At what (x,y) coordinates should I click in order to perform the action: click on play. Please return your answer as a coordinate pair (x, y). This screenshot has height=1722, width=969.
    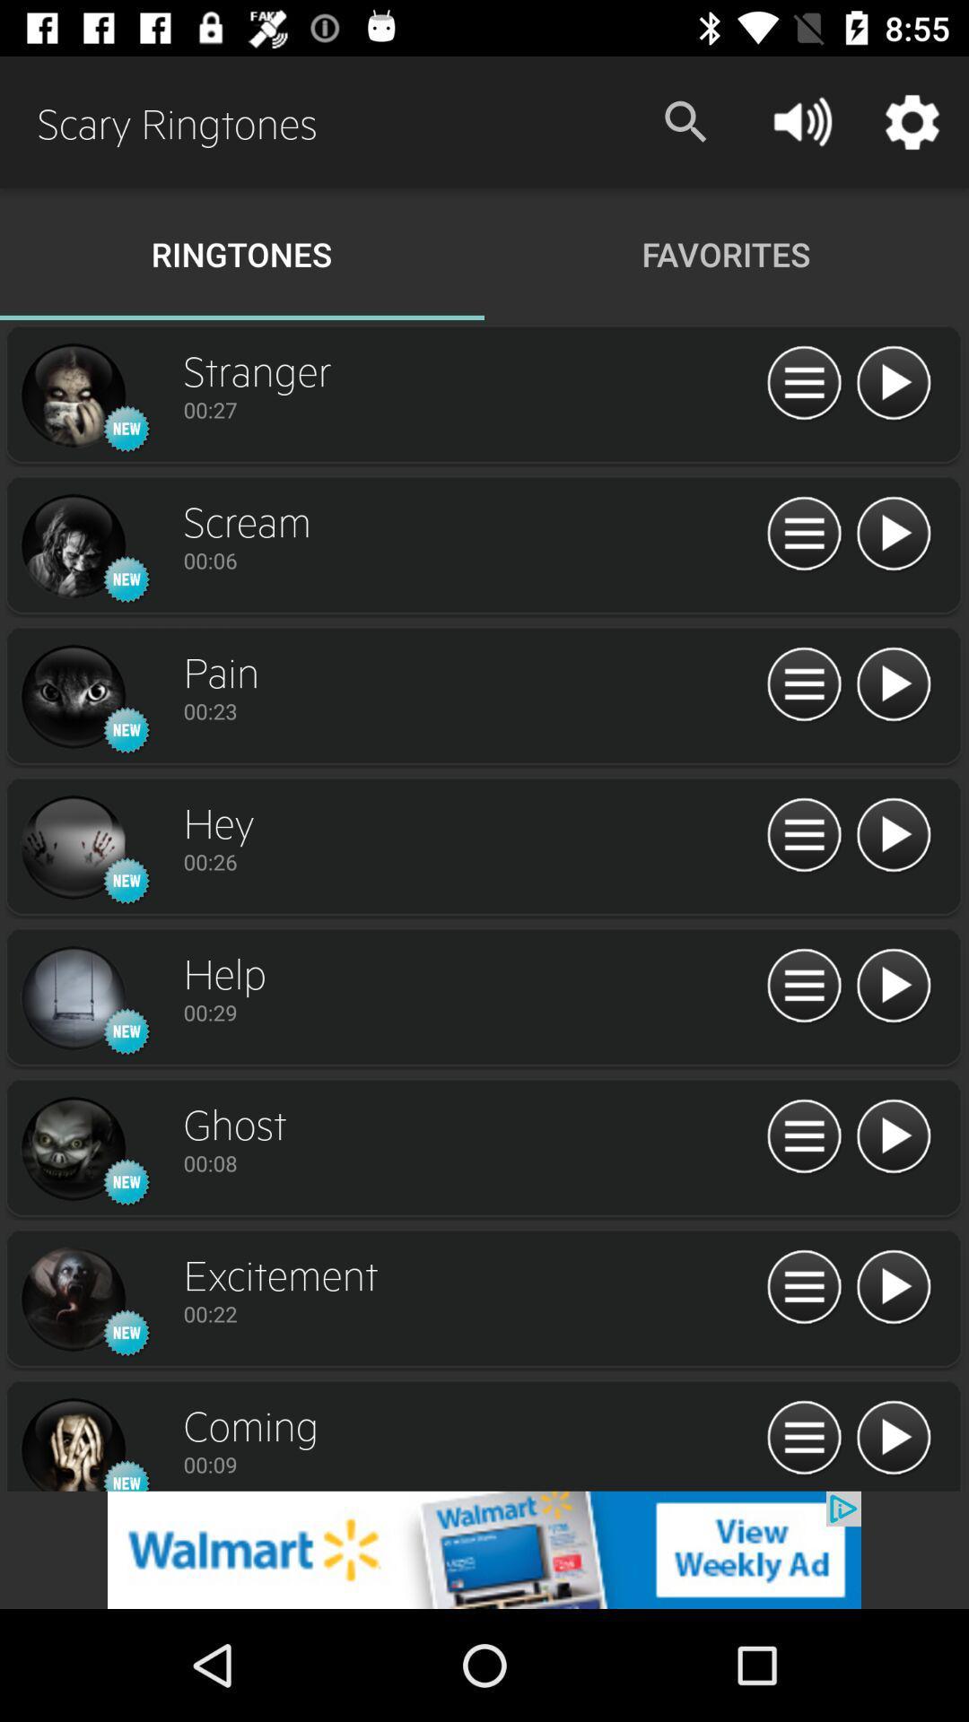
    Looking at the image, I should click on (893, 1287).